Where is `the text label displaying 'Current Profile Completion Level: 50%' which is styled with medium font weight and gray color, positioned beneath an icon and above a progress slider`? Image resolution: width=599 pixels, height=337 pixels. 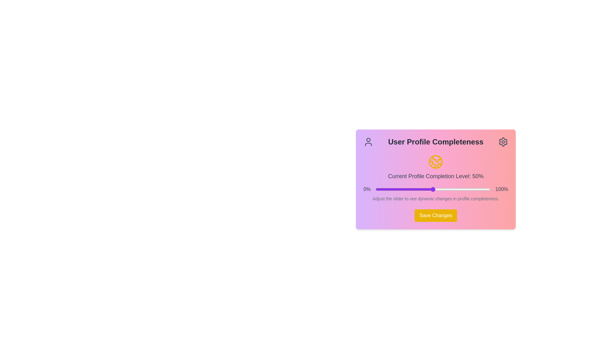
the text label displaying 'Current Profile Completion Level: 50%' which is styled with medium font weight and gray color, positioned beneath an icon and above a progress slider is located at coordinates (435, 176).